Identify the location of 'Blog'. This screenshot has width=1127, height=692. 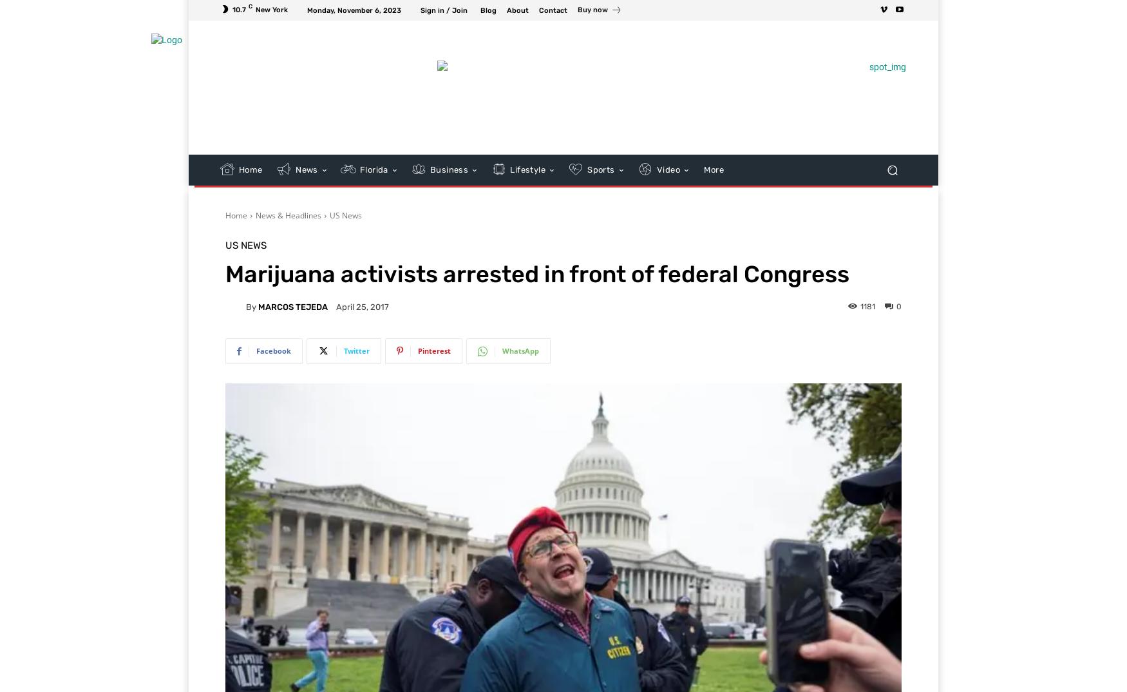
(488, 9).